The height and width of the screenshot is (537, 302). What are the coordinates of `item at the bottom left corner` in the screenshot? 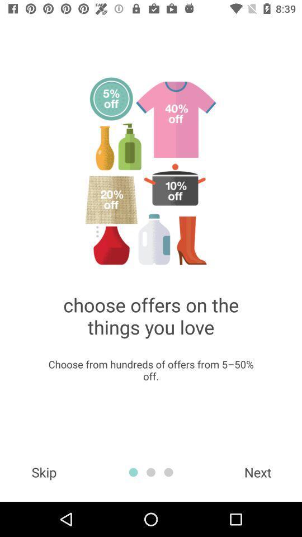 It's located at (43, 472).